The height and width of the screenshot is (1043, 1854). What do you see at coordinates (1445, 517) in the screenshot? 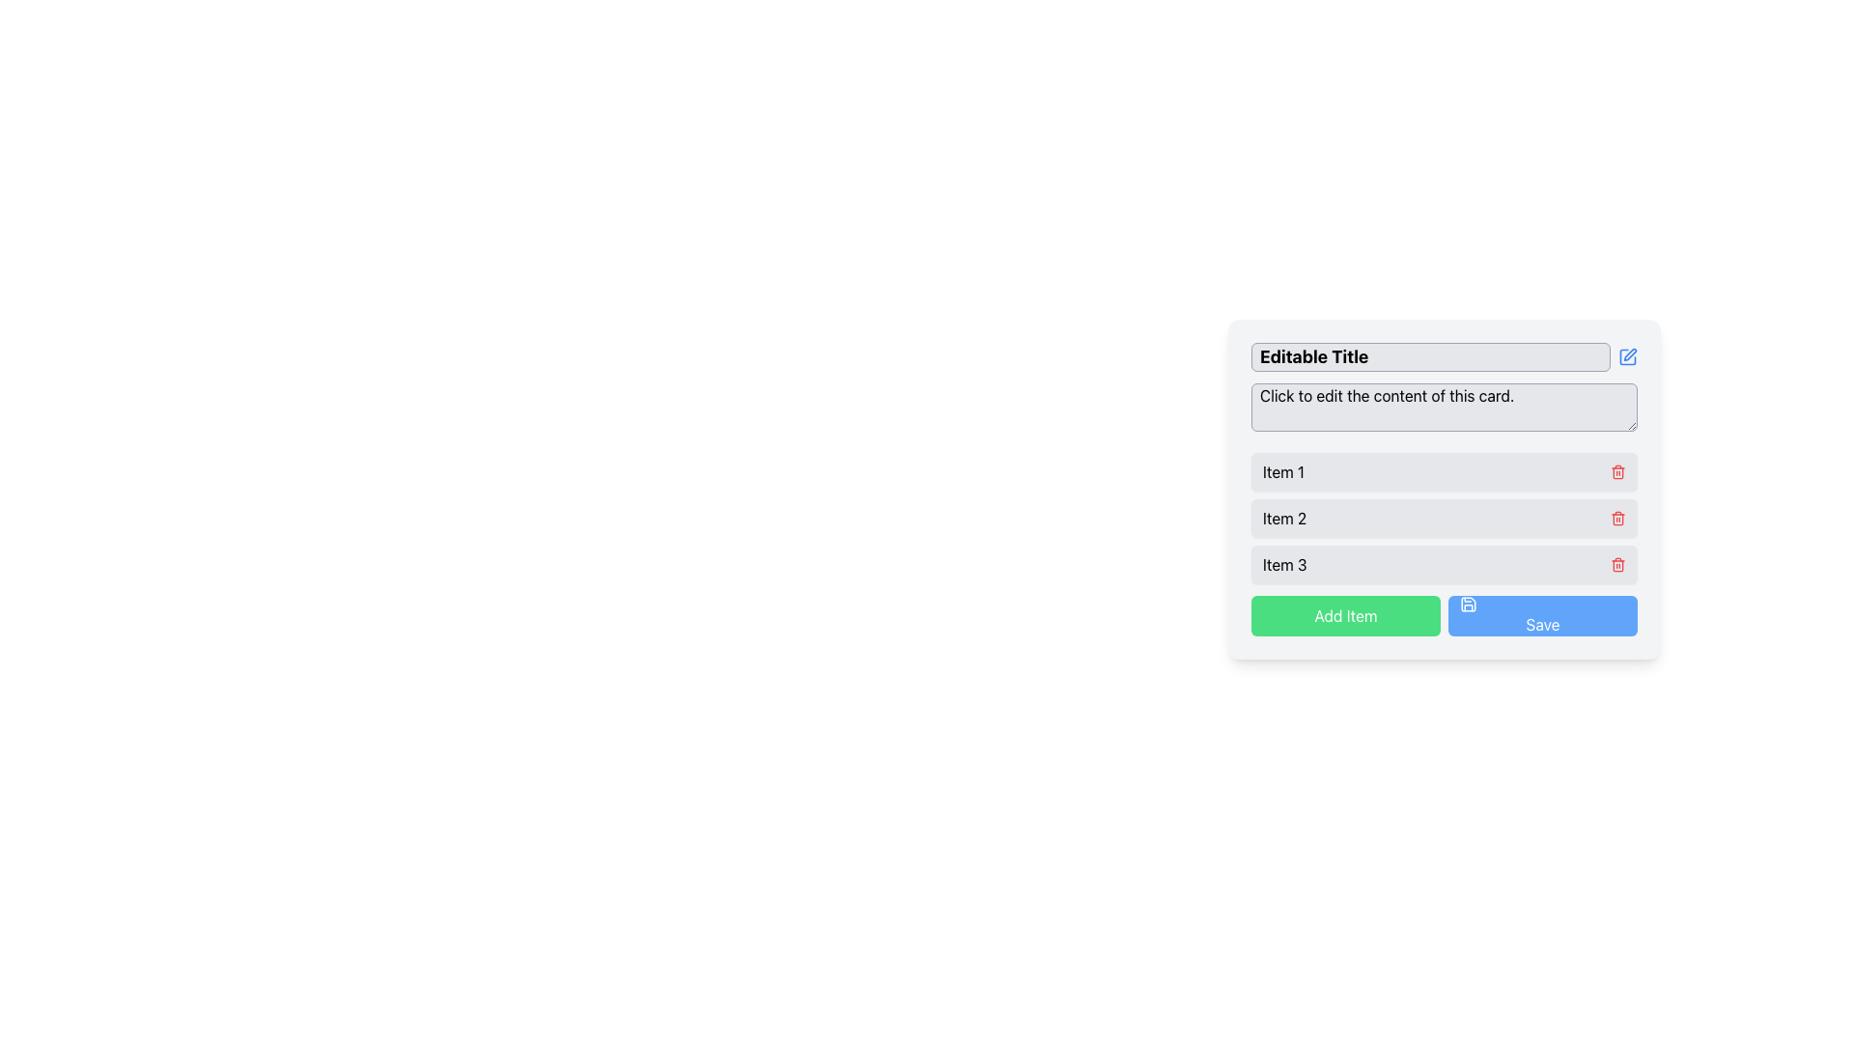
I see `the second item in the vertical list` at bounding box center [1445, 517].